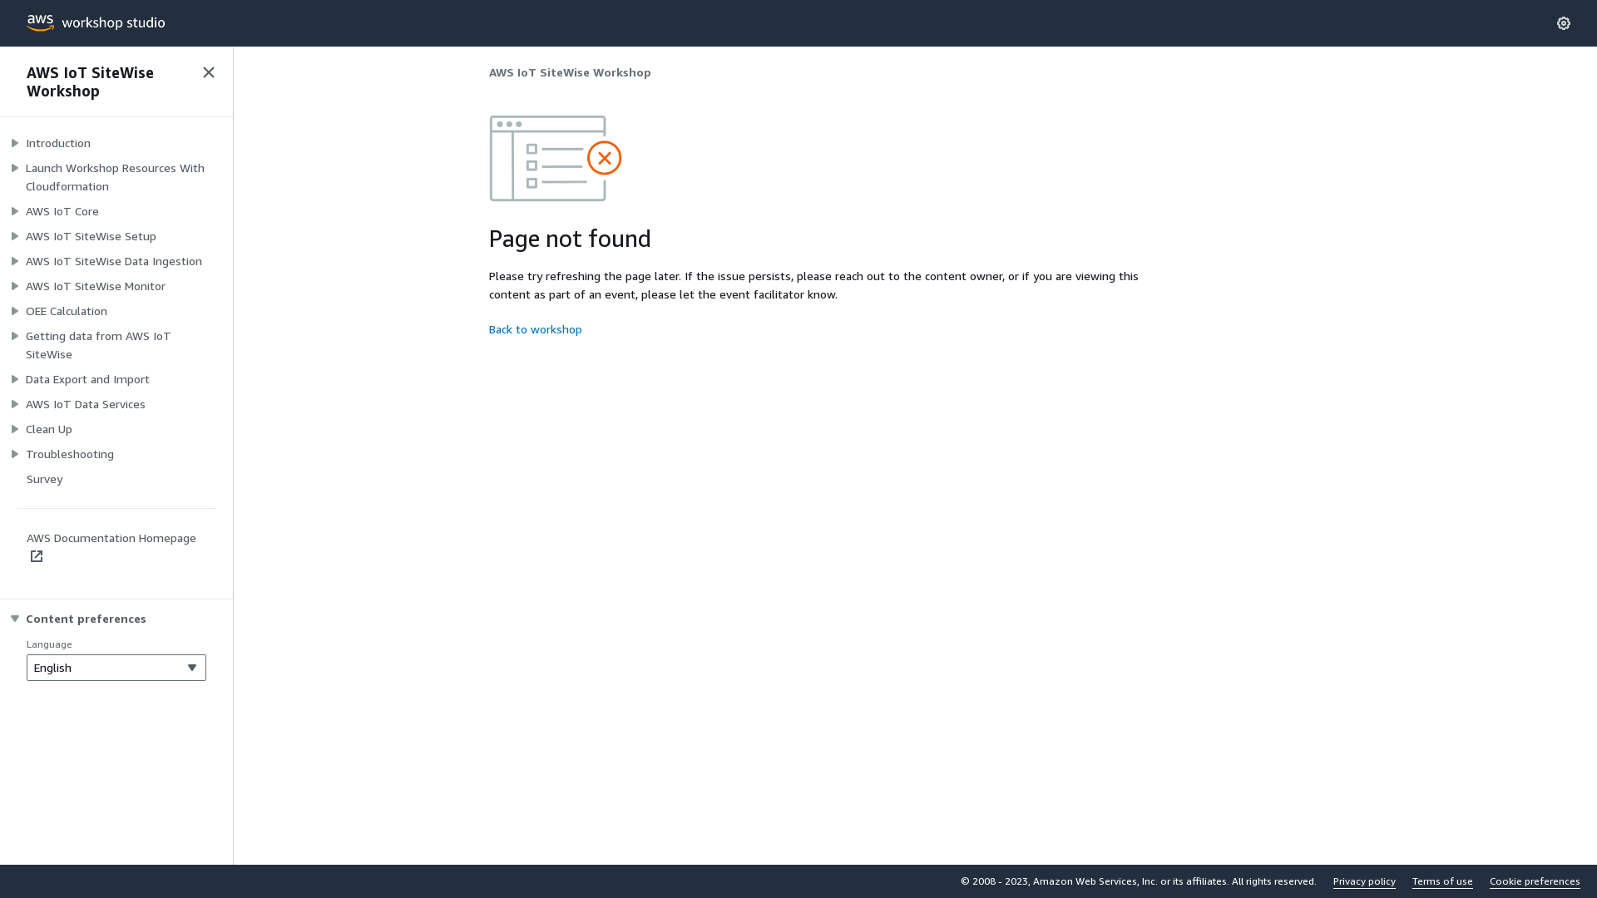  What do you see at coordinates (87, 378) in the screenshot?
I see `'Data Export and Import'` at bounding box center [87, 378].